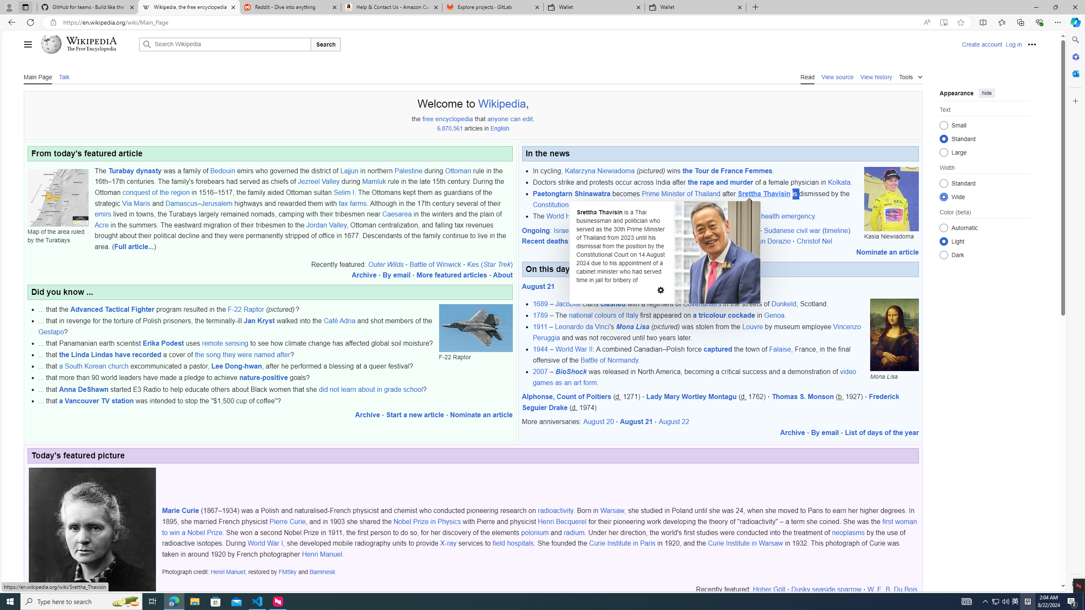  What do you see at coordinates (1014, 44) in the screenshot?
I see `'Log in'` at bounding box center [1014, 44].